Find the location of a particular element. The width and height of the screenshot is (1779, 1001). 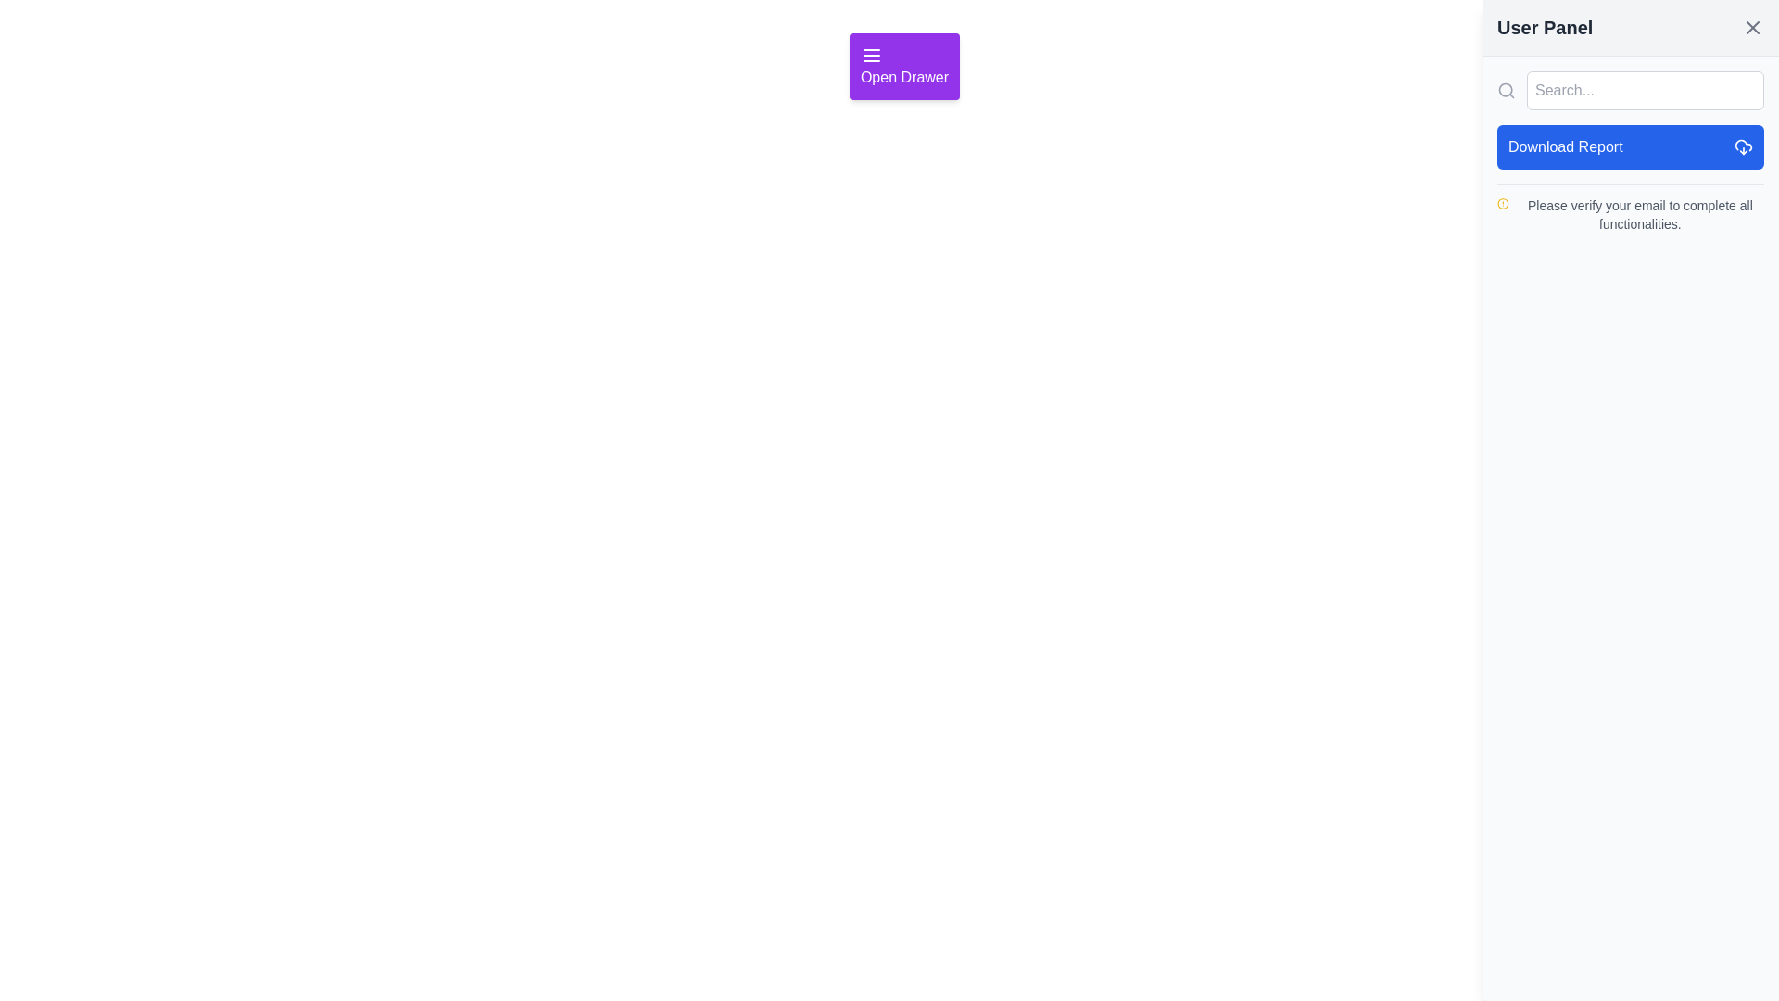

the small circular icon that forms the lens of the magnifying glass icon located to the far right of the 'User Panel' is located at coordinates (1506, 90).